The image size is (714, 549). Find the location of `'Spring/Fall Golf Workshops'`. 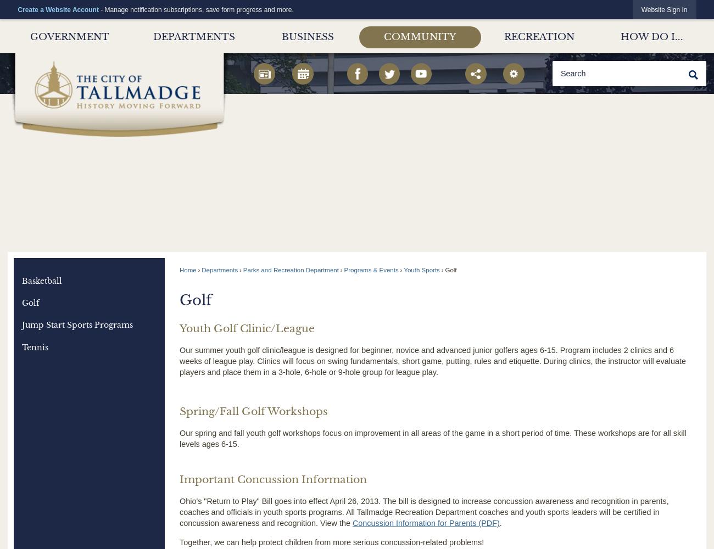

'Spring/Fall Golf Workshops' is located at coordinates (252, 411).